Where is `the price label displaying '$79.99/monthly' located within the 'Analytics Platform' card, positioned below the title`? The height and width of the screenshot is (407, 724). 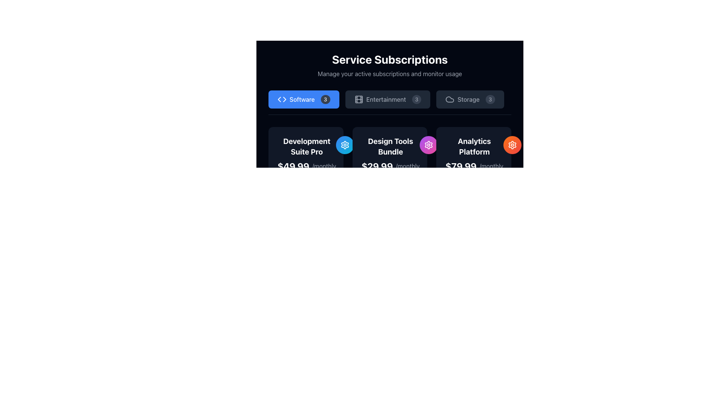 the price label displaying '$79.99/monthly' located within the 'Analytics Platform' card, positioned below the title is located at coordinates (474, 165).